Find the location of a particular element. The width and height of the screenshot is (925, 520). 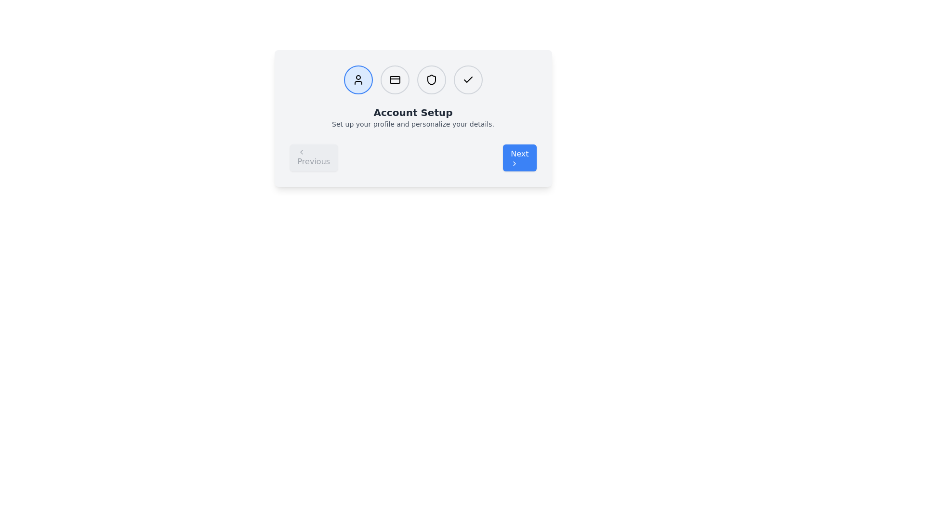

the shield-shaped icon embedded within the circular button, which is positioned third from the left among four similar buttons at the top center of the interface is located at coordinates (431, 79).